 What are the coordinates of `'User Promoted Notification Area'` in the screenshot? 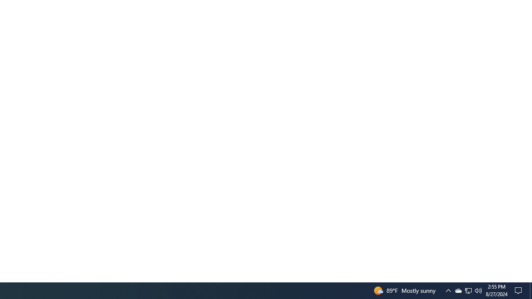 It's located at (458, 290).